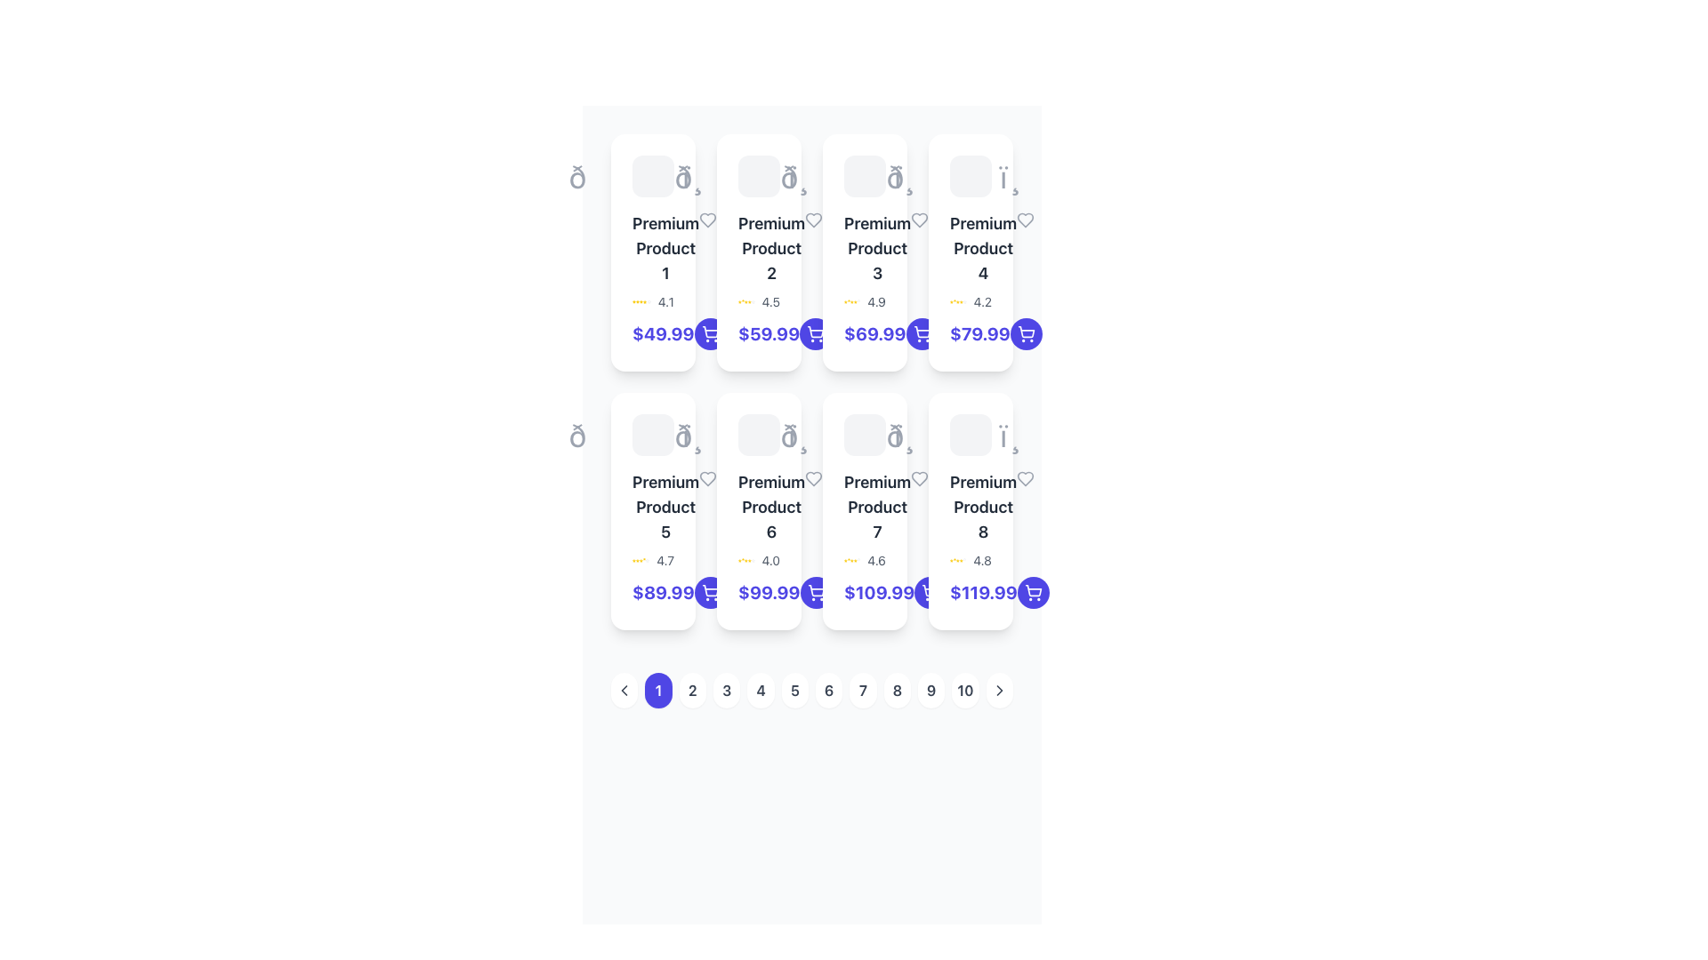 This screenshot has height=960, width=1708. Describe the element at coordinates (652, 507) in the screenshot. I see `the label that identifies the product 'Premium Product 5' located at the top section of its product card within the second row and first column of the grid layout` at that location.